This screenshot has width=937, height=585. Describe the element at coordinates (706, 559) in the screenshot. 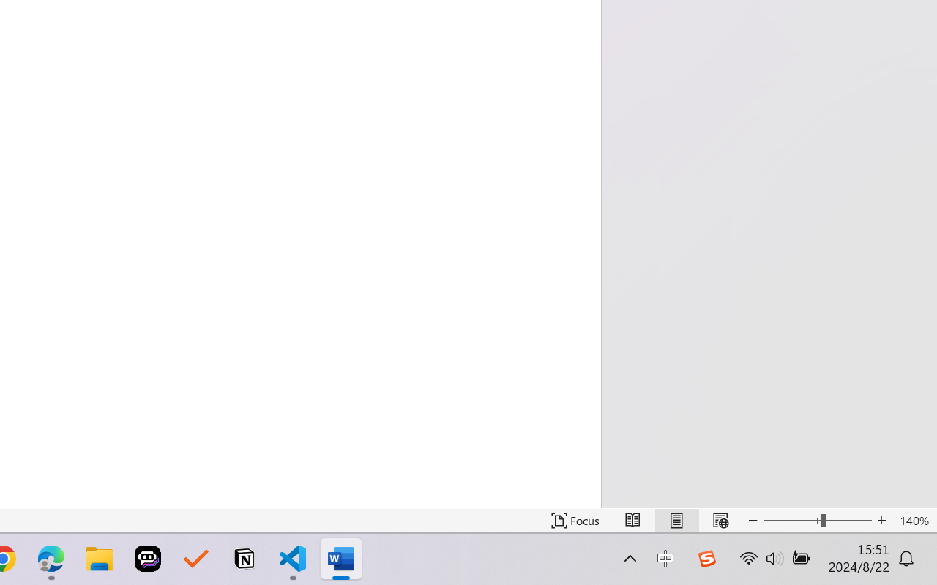

I see `'Class: Image'` at that location.